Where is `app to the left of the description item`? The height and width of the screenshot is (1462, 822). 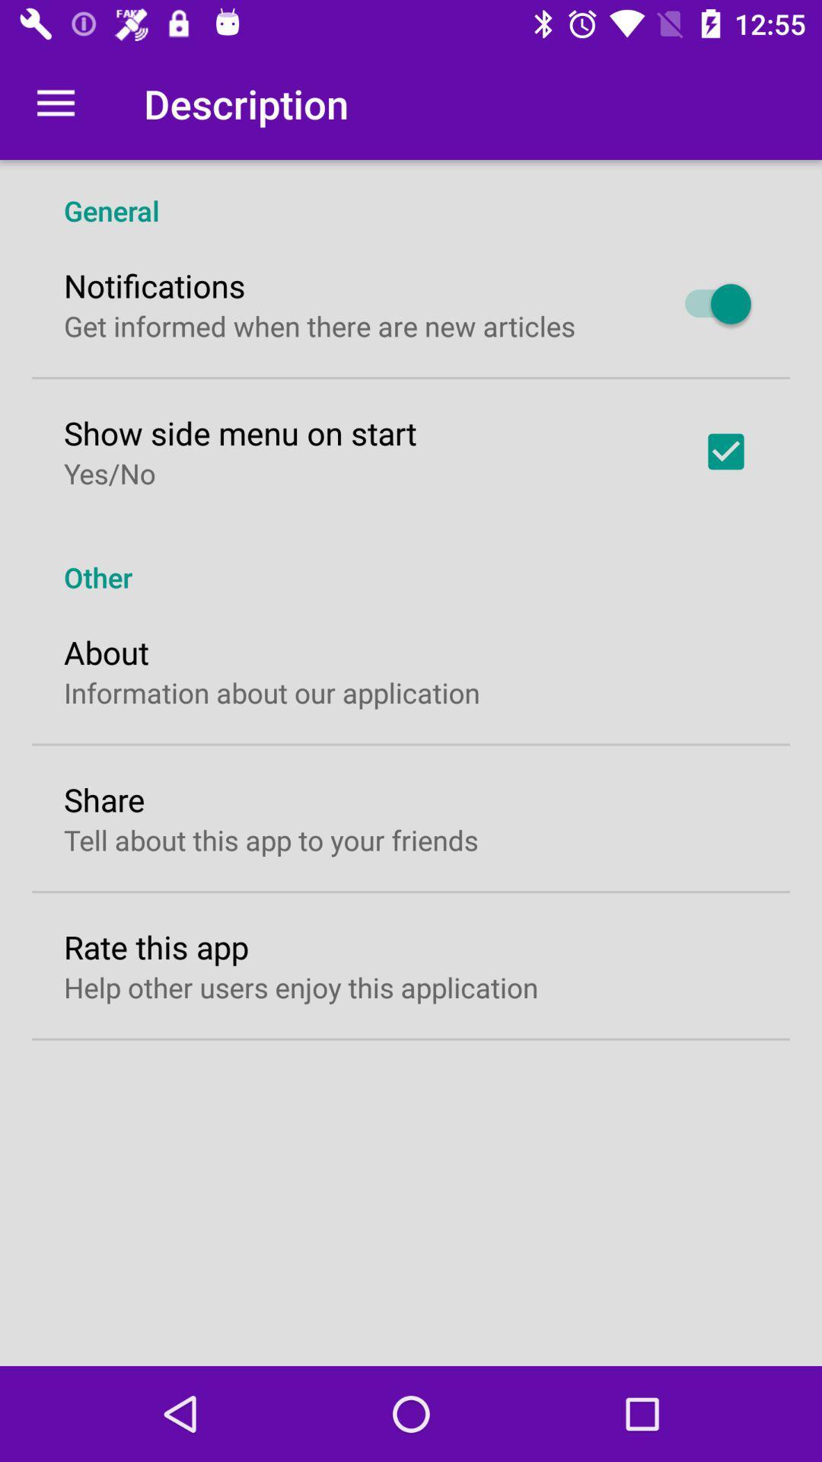 app to the left of the description item is located at coordinates (55, 103).